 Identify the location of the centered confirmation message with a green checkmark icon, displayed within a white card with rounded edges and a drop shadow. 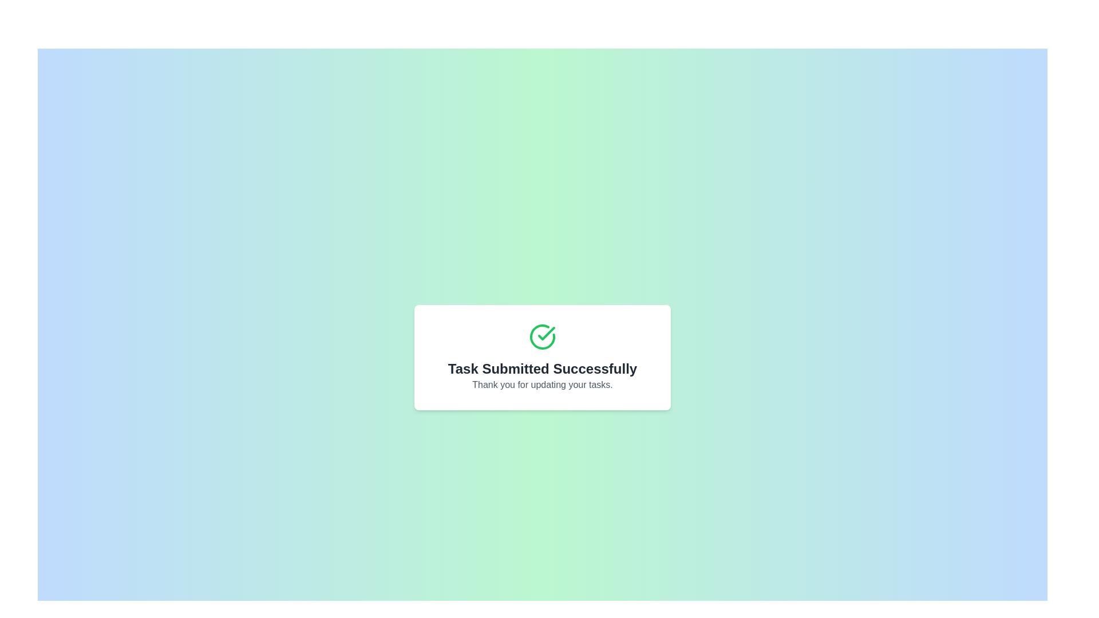
(542, 356).